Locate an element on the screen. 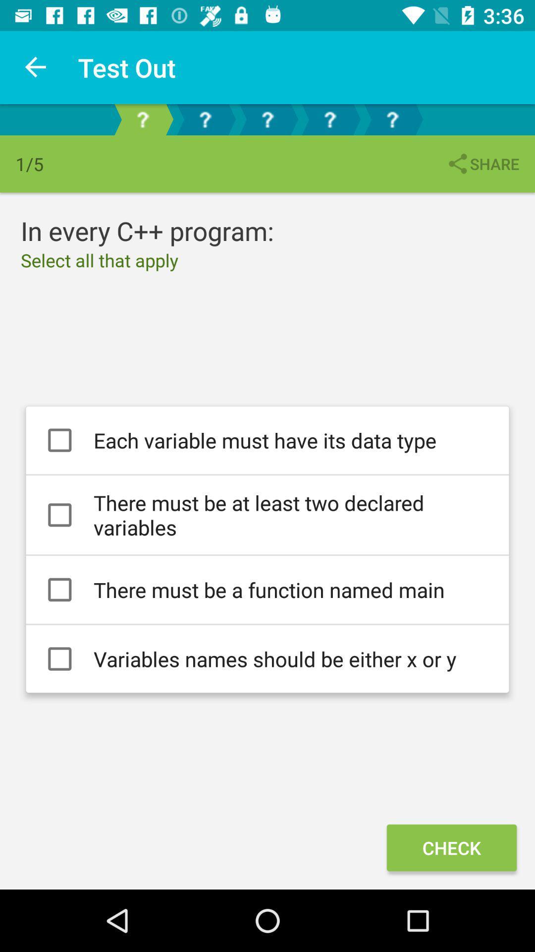  the right most question mark is located at coordinates (391, 119).